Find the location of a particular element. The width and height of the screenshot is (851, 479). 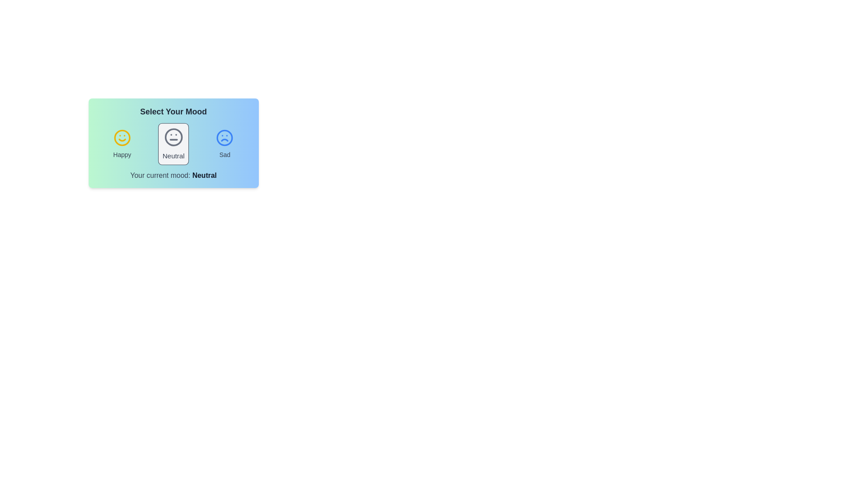

the mood sad by clicking on the respective icon is located at coordinates (225, 143).